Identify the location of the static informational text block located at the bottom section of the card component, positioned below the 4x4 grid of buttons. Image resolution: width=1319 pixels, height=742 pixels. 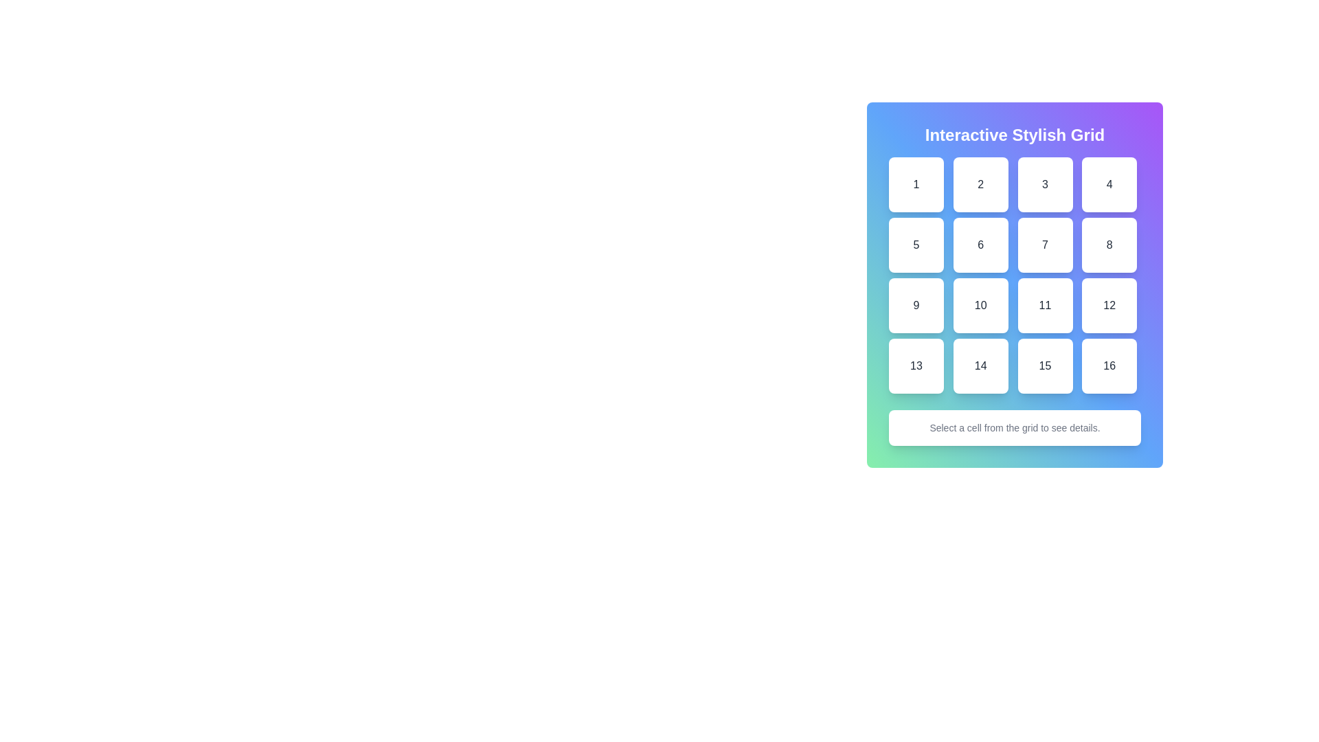
(1015, 427).